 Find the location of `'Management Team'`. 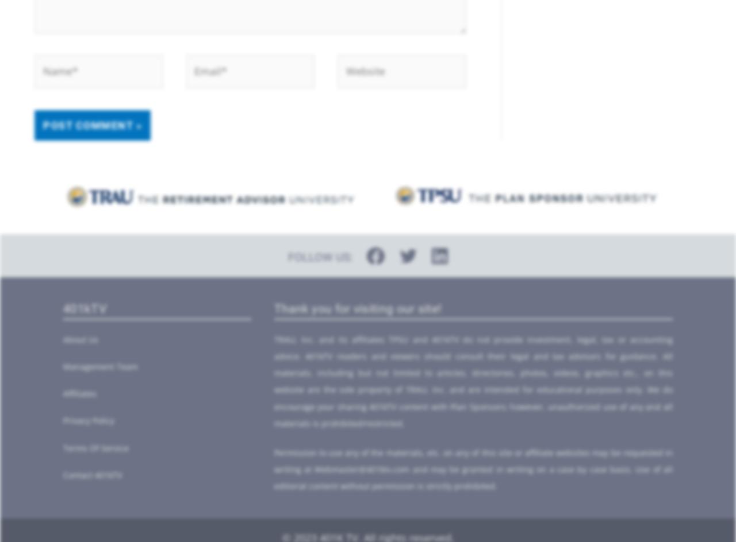

'Management Team' is located at coordinates (62, 366).